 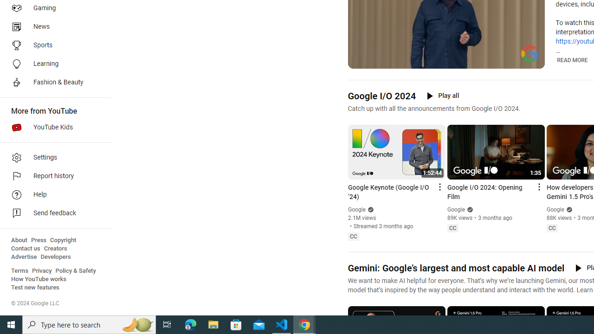 I want to click on 'YouTube Kids', so click(x=52, y=128).